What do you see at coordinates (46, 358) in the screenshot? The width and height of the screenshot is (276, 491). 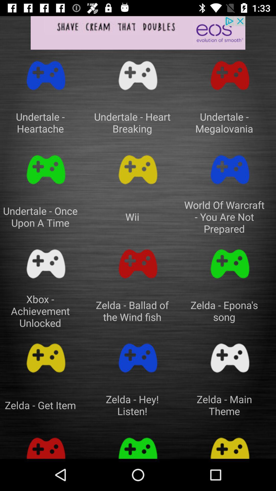 I see `game` at bounding box center [46, 358].